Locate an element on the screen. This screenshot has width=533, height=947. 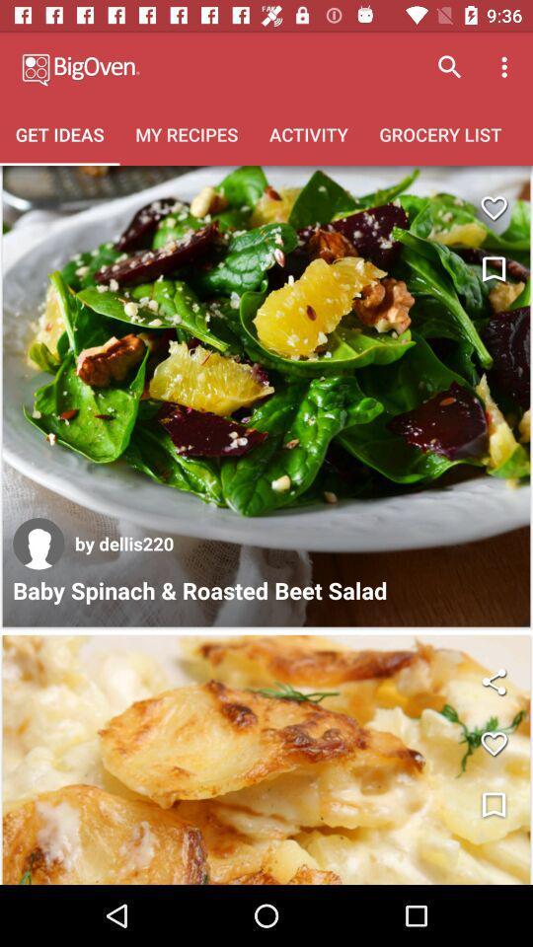
icon above grocery list item is located at coordinates (506, 67).